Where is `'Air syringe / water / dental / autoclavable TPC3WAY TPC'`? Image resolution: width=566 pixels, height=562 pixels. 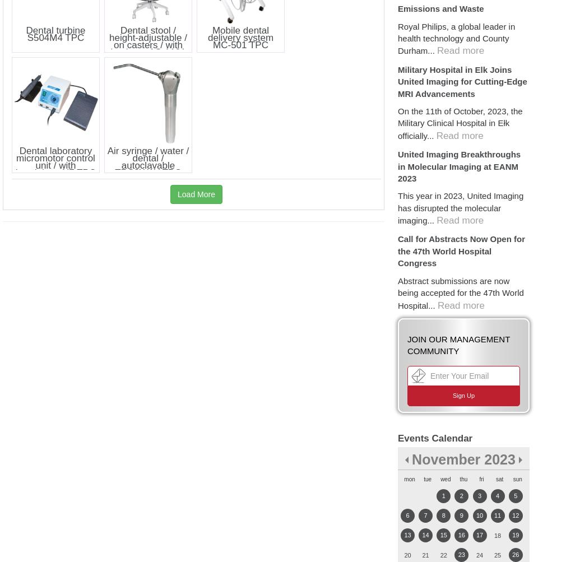
'Air syringe / water / dental / autoclavable TPC3WAY TPC' is located at coordinates (148, 161).